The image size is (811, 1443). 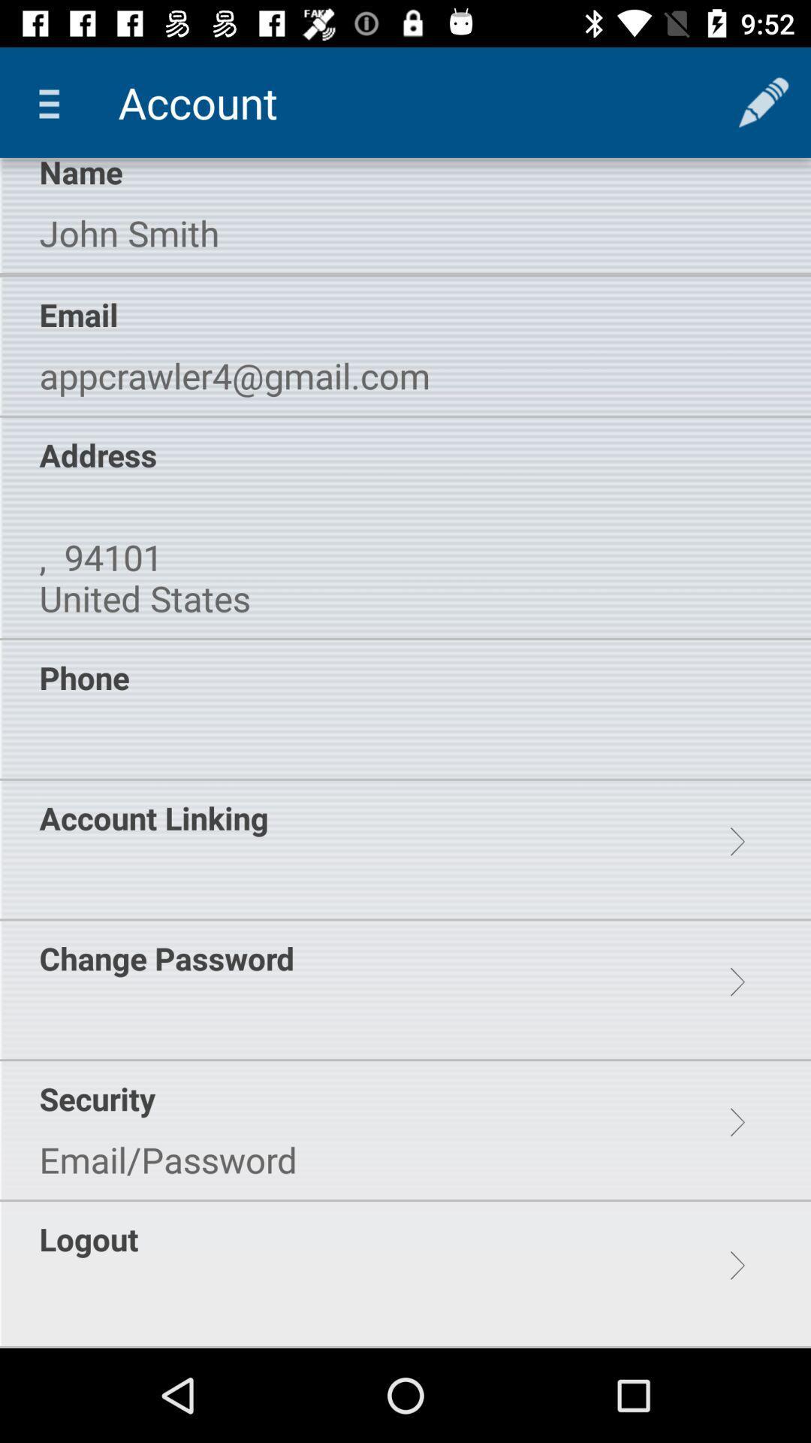 What do you see at coordinates (764, 101) in the screenshot?
I see `the icon at the top right corner` at bounding box center [764, 101].